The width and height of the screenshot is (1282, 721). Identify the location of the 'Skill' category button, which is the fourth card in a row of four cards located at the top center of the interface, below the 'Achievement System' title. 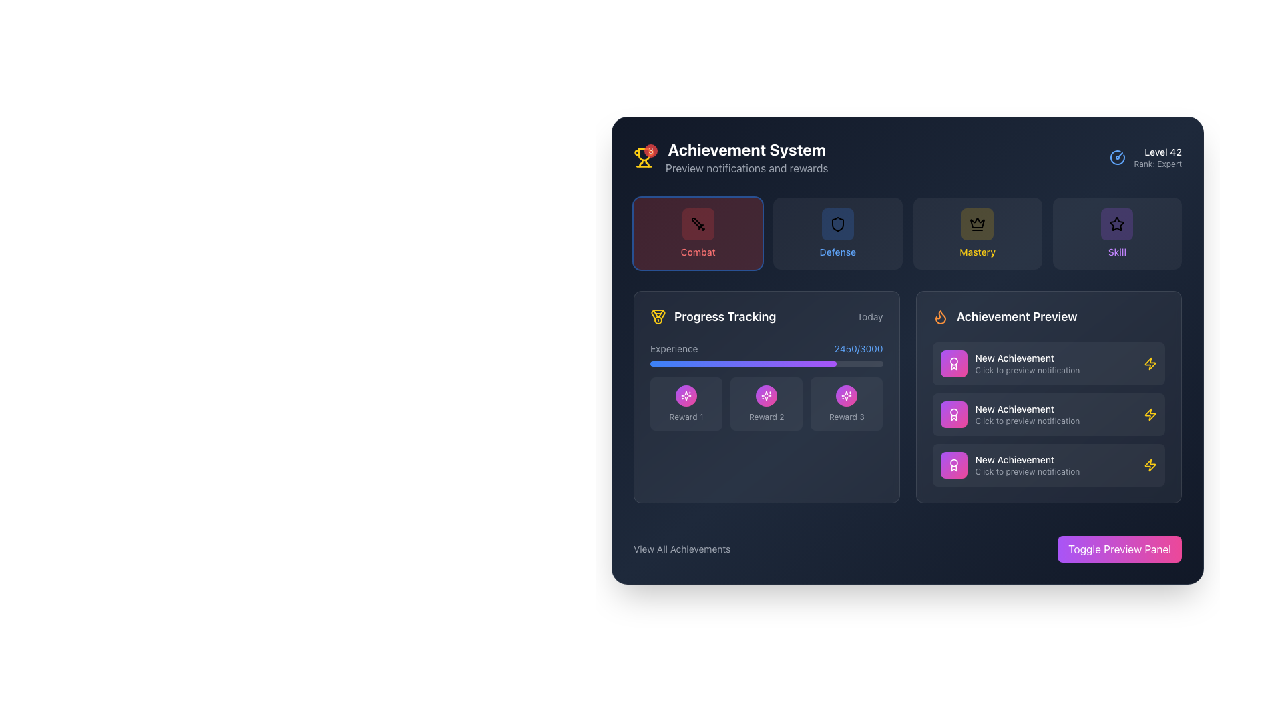
(1117, 233).